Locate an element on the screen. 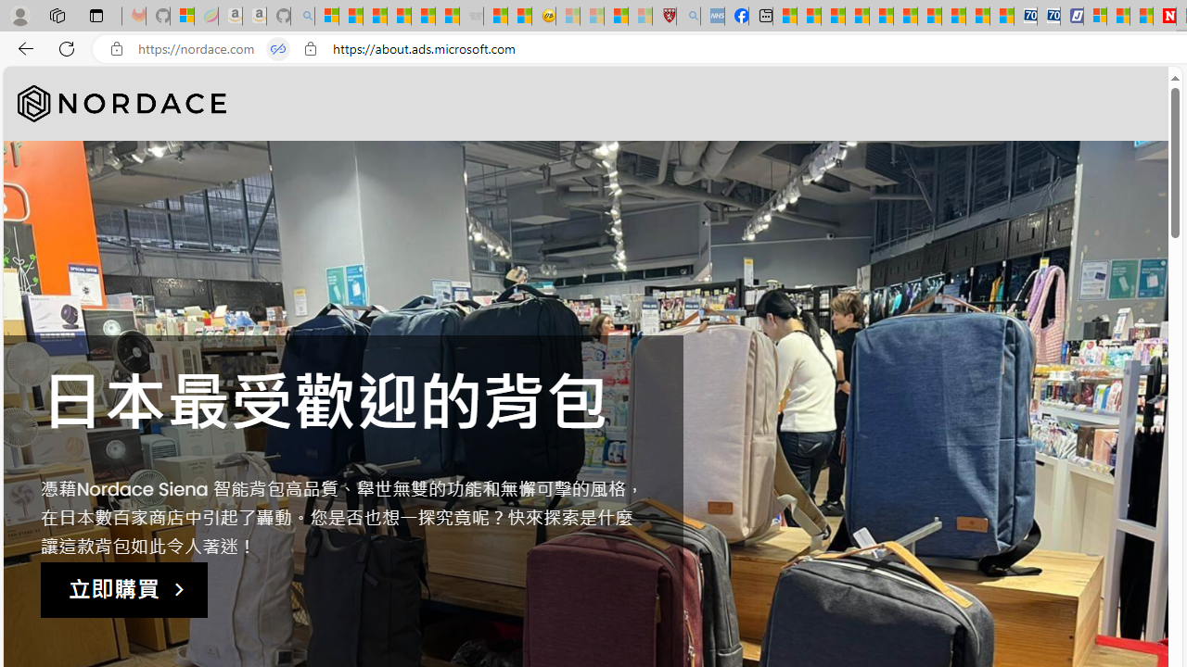 The image size is (1187, 667). 'Cheap Car Rentals - Save70.com' is located at coordinates (1024, 16).